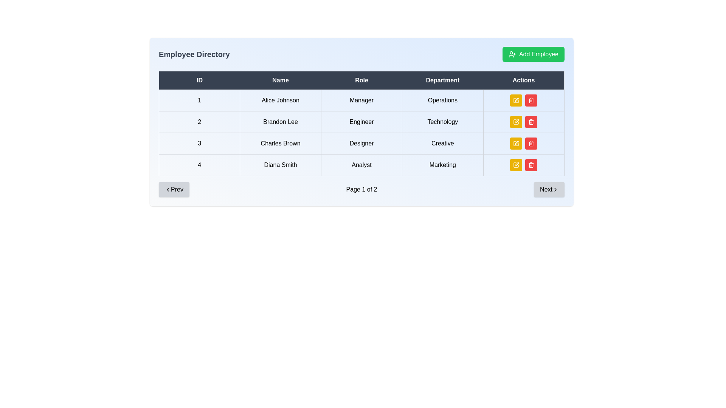 The height and width of the screenshot is (408, 726). Describe the element at coordinates (361, 80) in the screenshot. I see `the text label marked as 'Role' which is located in the header row of the table, positioned between the 'Name' and 'Department' columns` at that location.